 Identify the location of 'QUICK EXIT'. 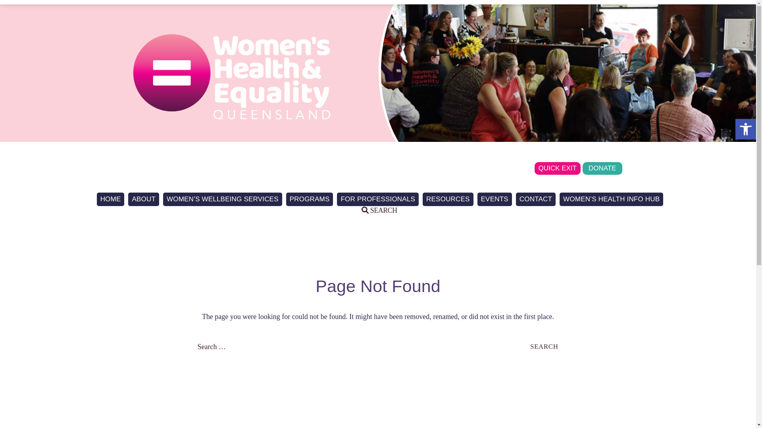
(557, 168).